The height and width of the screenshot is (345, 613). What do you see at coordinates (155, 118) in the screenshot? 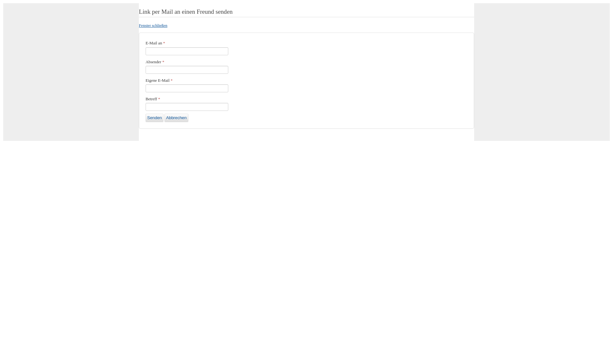
I see `'Senden'` at bounding box center [155, 118].